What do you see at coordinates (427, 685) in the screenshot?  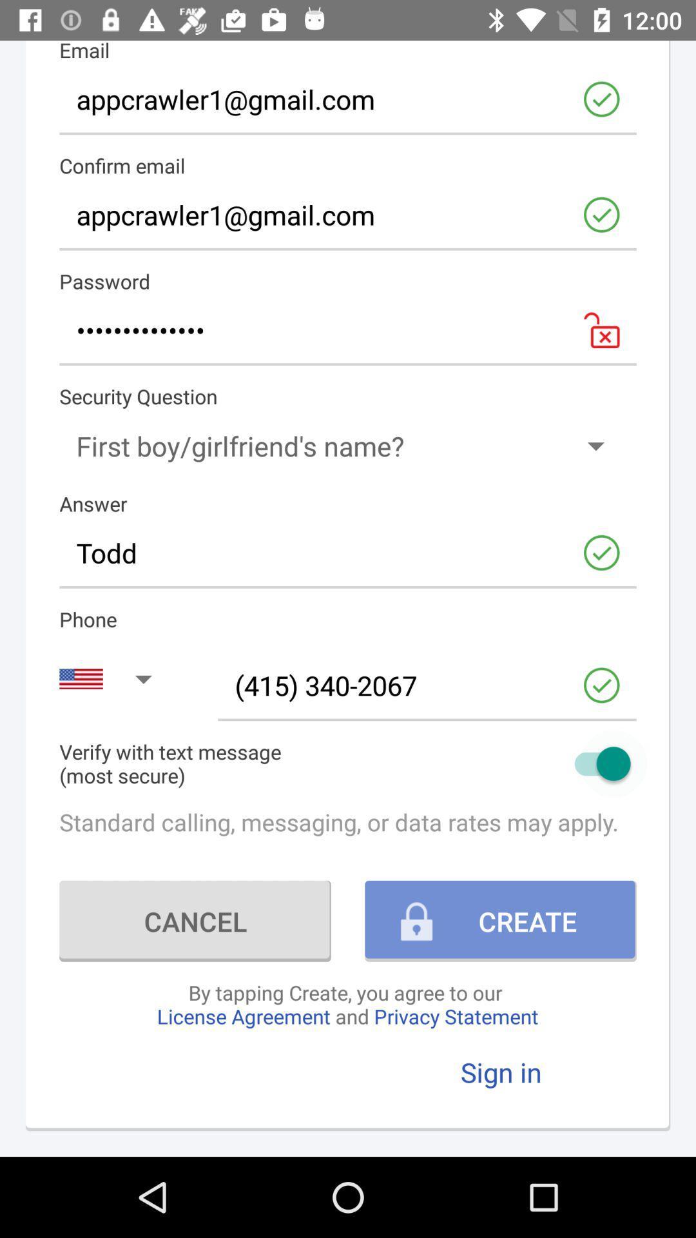 I see `the item above the verify with text icon` at bounding box center [427, 685].